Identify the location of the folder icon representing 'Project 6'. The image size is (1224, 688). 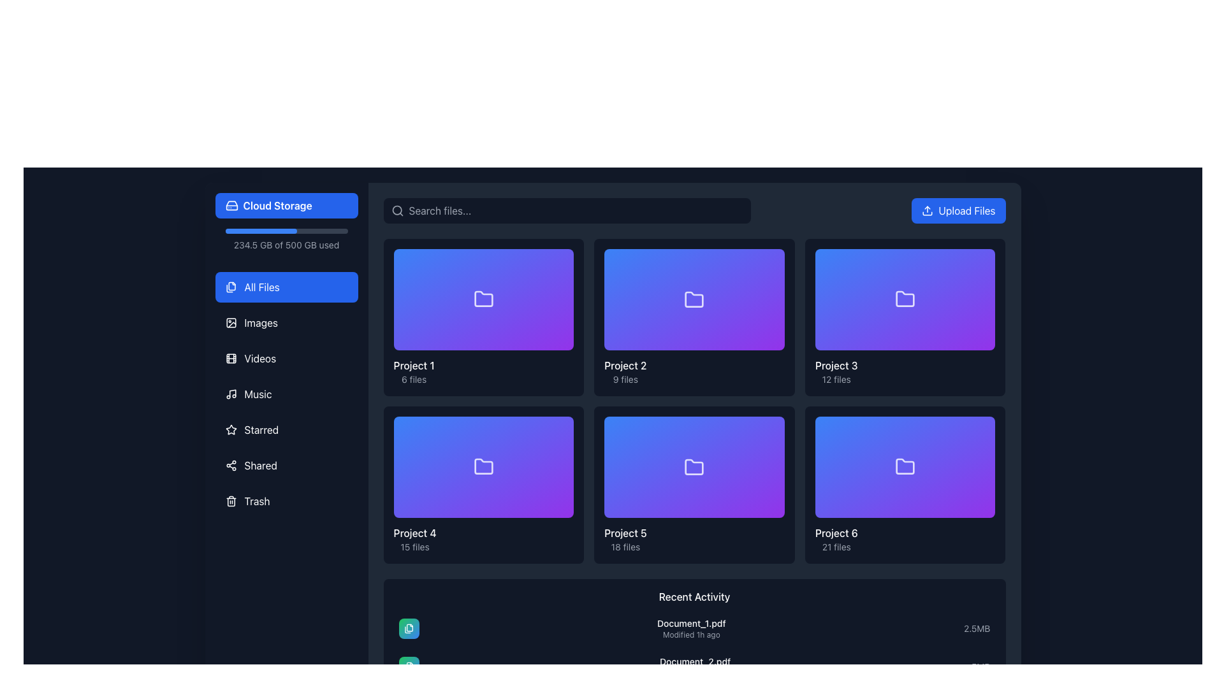
(905, 467).